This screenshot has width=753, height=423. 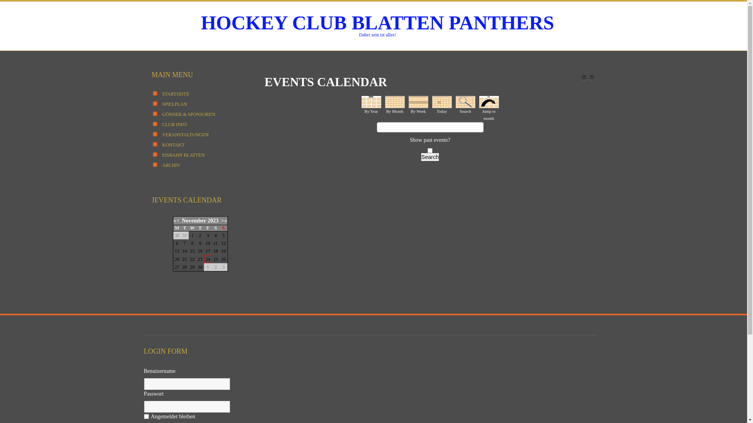 What do you see at coordinates (200, 267) in the screenshot?
I see `'30'` at bounding box center [200, 267].